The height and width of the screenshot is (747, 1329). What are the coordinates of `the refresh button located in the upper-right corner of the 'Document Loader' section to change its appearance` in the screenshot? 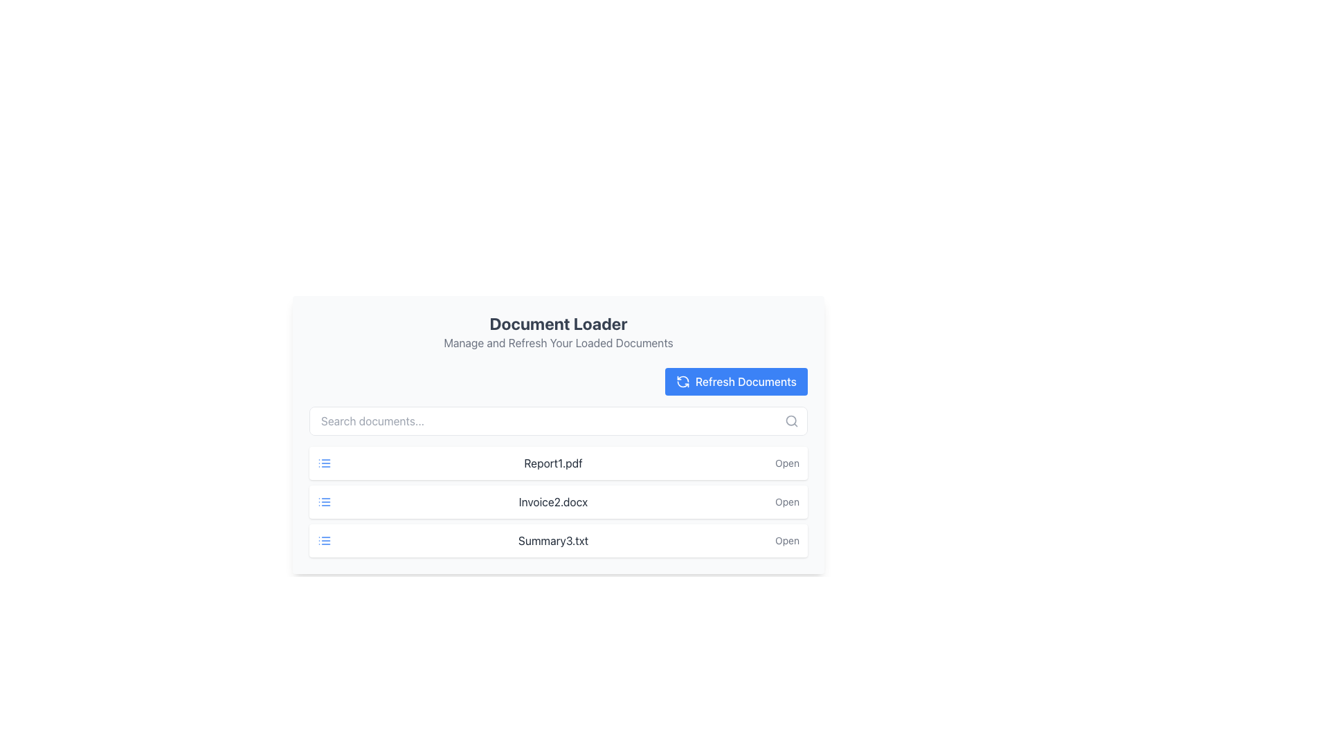 It's located at (735, 381).